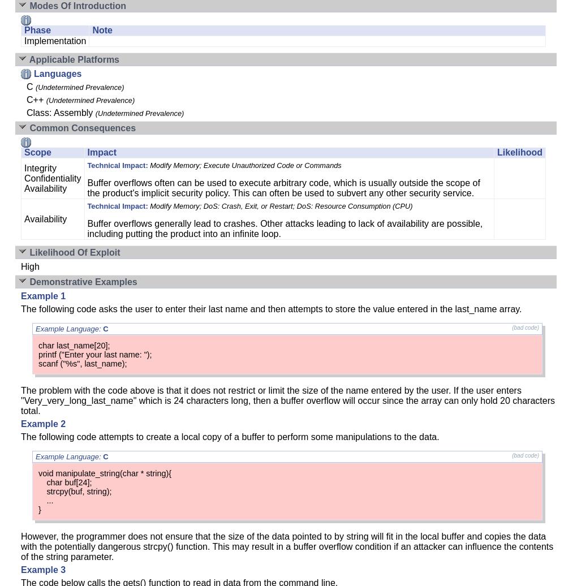 Image resolution: width=577 pixels, height=586 pixels. Describe the element at coordinates (230, 437) in the screenshot. I see `'The following code attempts to create a local copy of a buffer to perform some manipulations to the data.'` at that location.